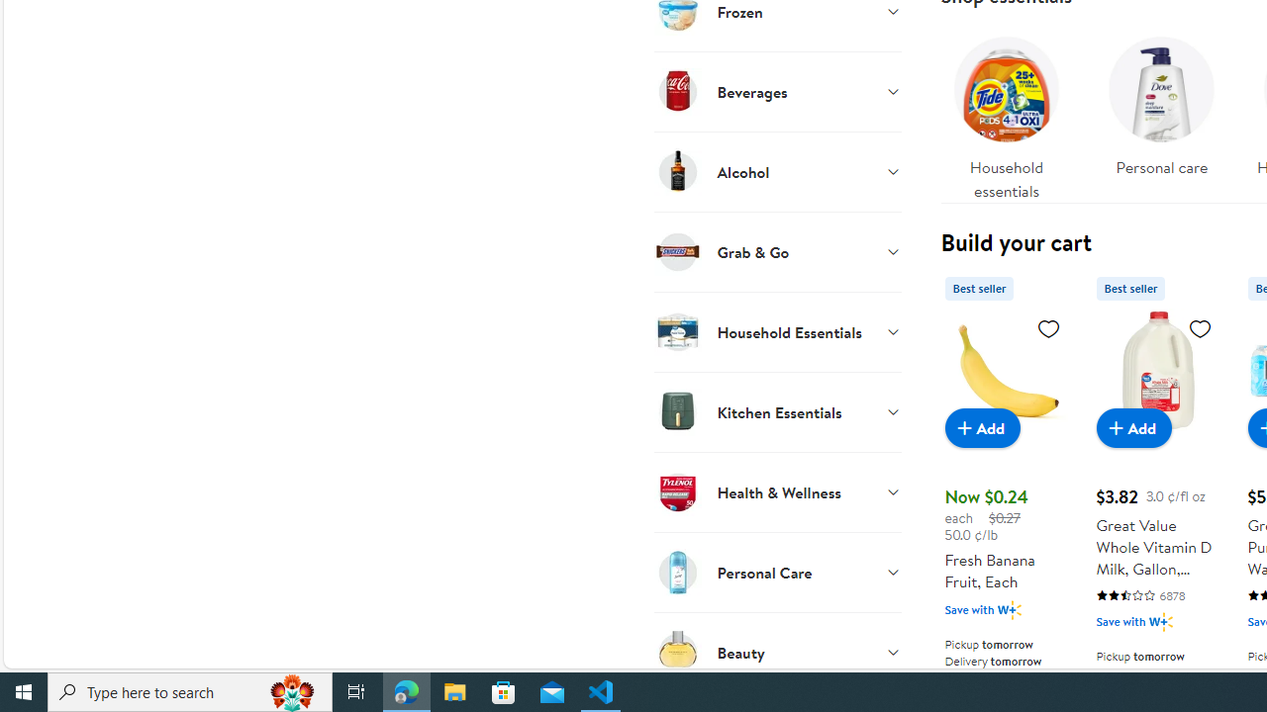 The image size is (1267, 712). Describe the element at coordinates (1161, 620) in the screenshot. I see `'Walmart Plus'` at that location.